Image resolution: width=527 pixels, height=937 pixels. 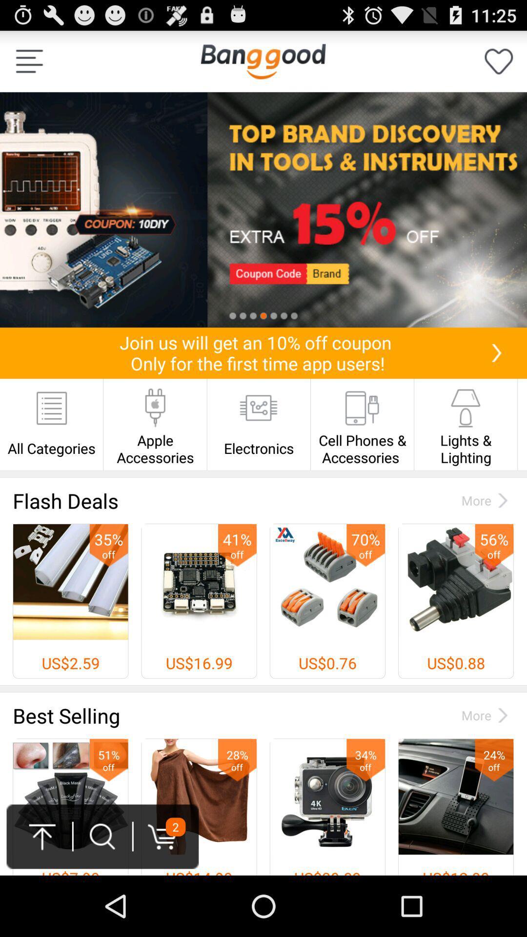 What do you see at coordinates (503, 500) in the screenshot?
I see `next button right to text more` at bounding box center [503, 500].